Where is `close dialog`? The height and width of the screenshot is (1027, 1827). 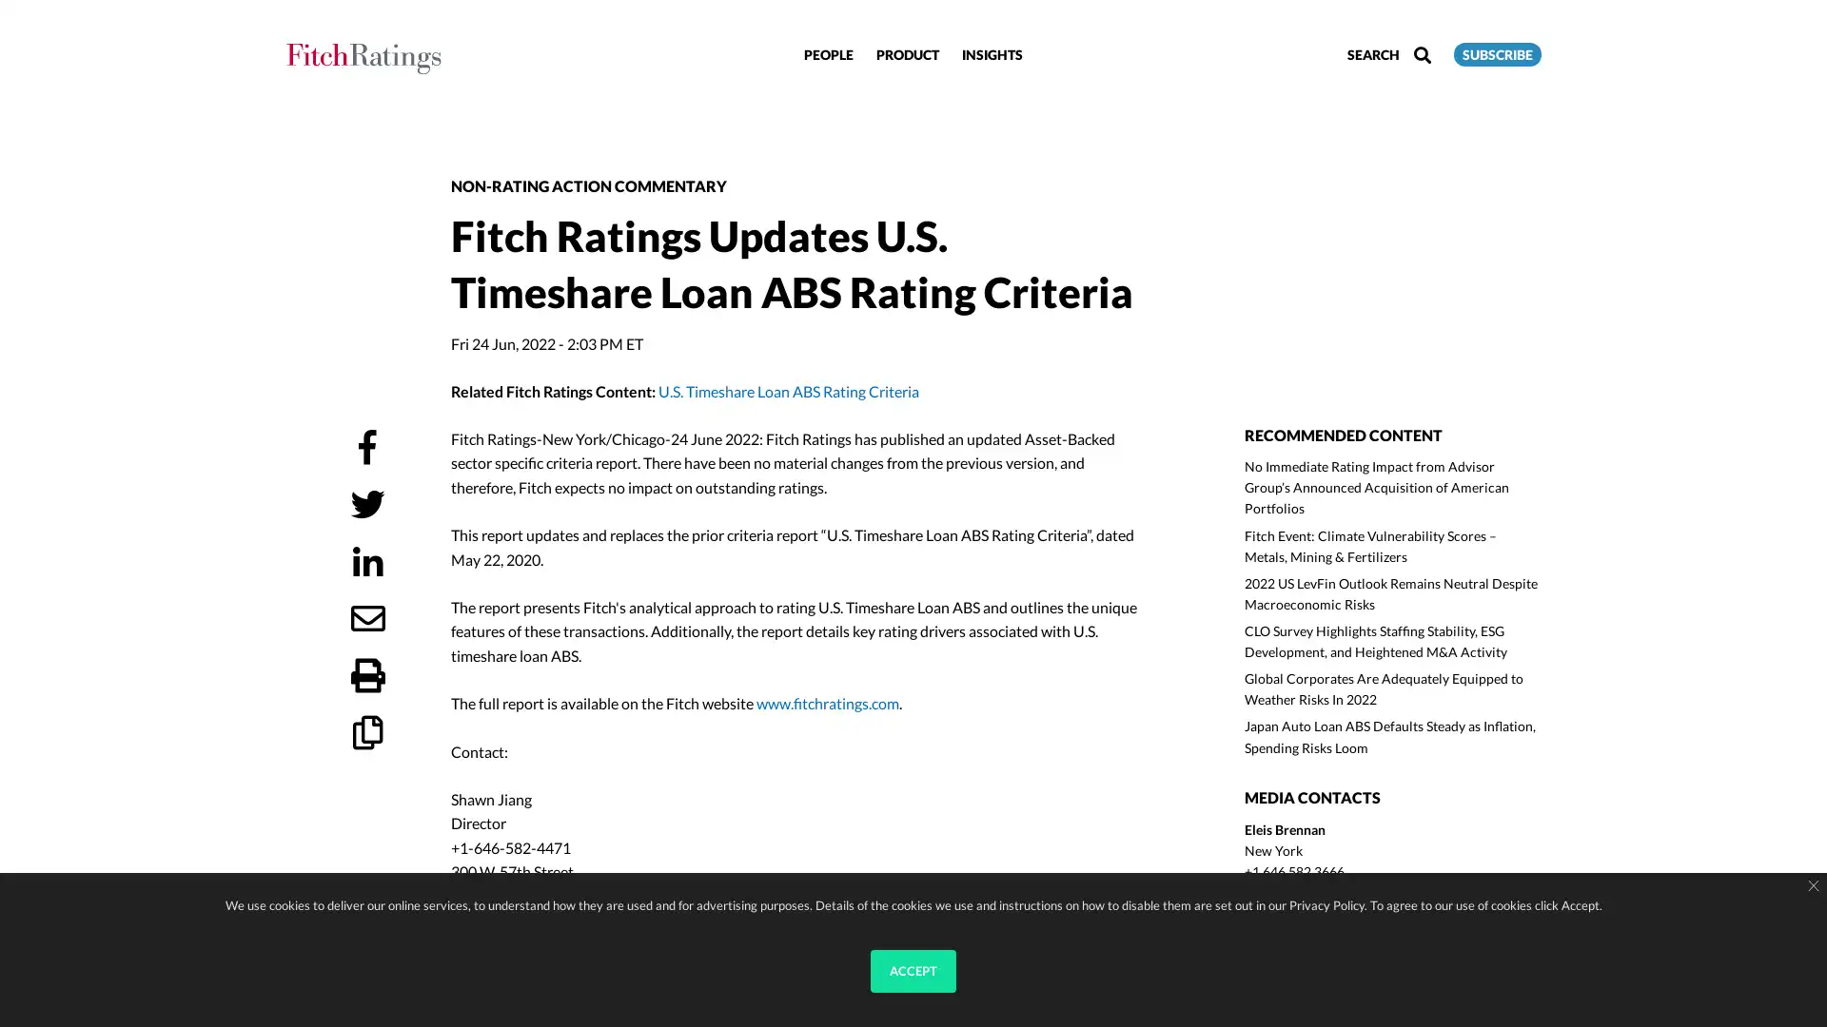 close dialog is located at coordinates (1812, 886).